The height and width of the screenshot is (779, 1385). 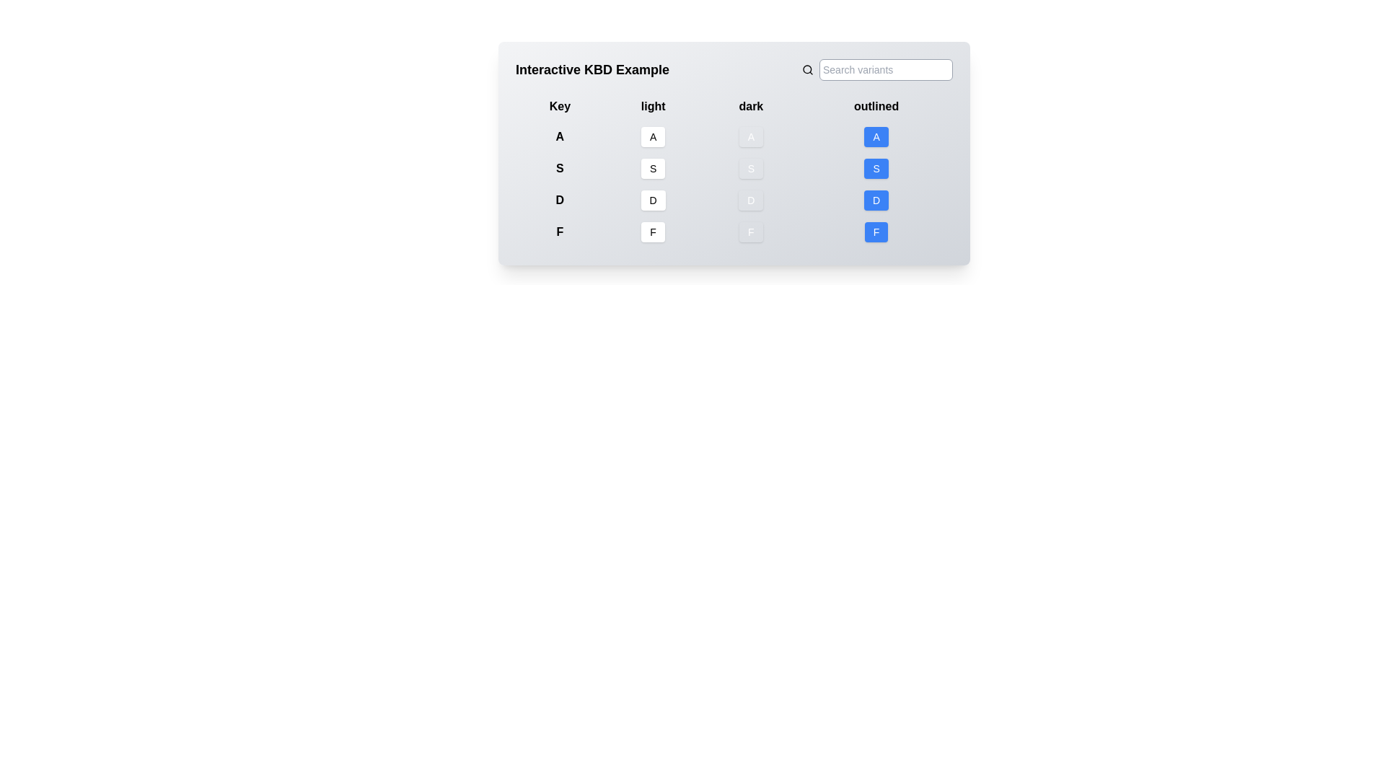 What do you see at coordinates (734, 200) in the screenshot?
I see `the 'dark' column in the row labeled 'D' which represents a key in the segment of four rows for keys (A, S, D, F)` at bounding box center [734, 200].